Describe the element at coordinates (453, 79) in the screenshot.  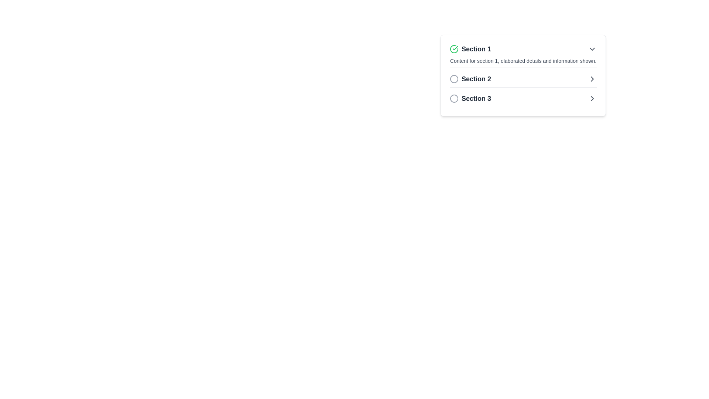
I see `the icon located in the second row of the list next to the text 'Section 2'` at that location.